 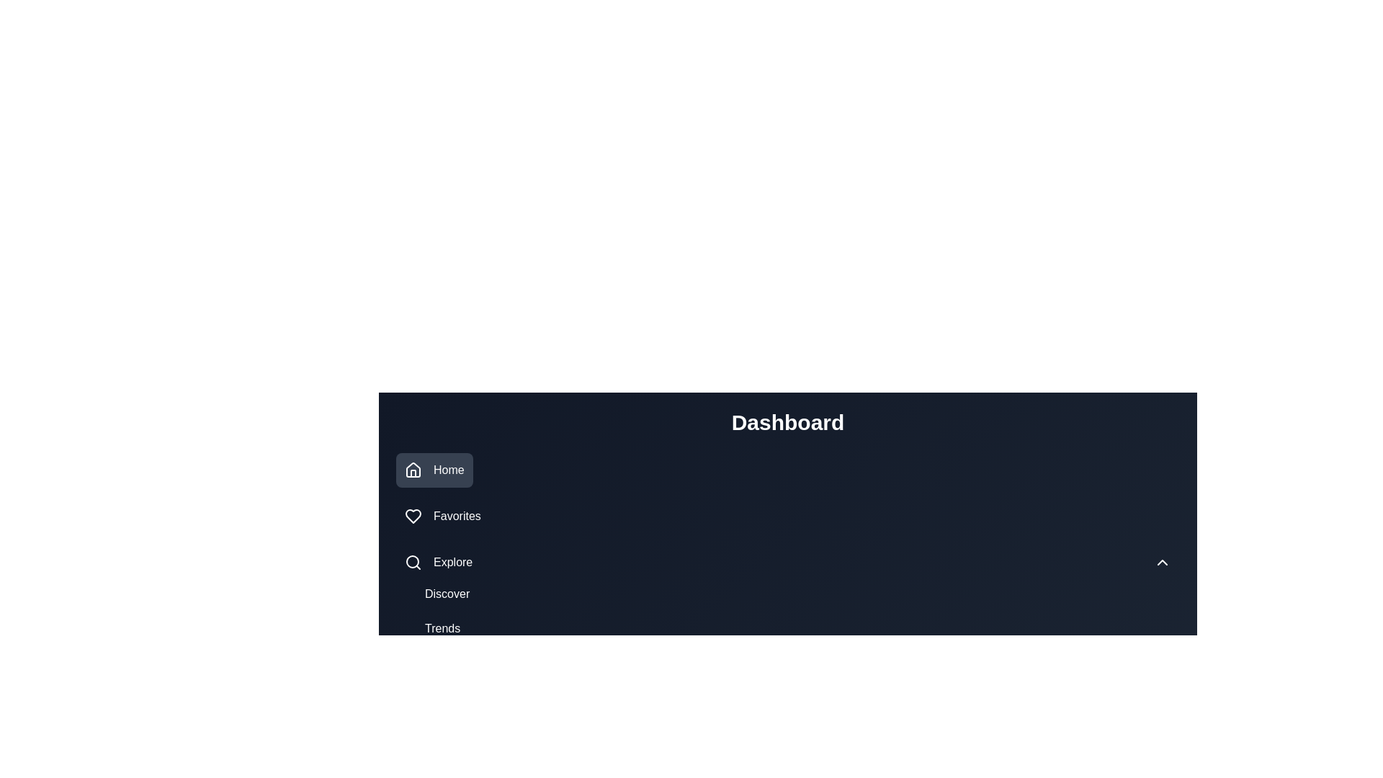 I want to click on the 'Home' text label in the left sidebar menu, which is styled in white text over a dark background and is part of the first menu item containing a house icon, so click(x=448, y=470).